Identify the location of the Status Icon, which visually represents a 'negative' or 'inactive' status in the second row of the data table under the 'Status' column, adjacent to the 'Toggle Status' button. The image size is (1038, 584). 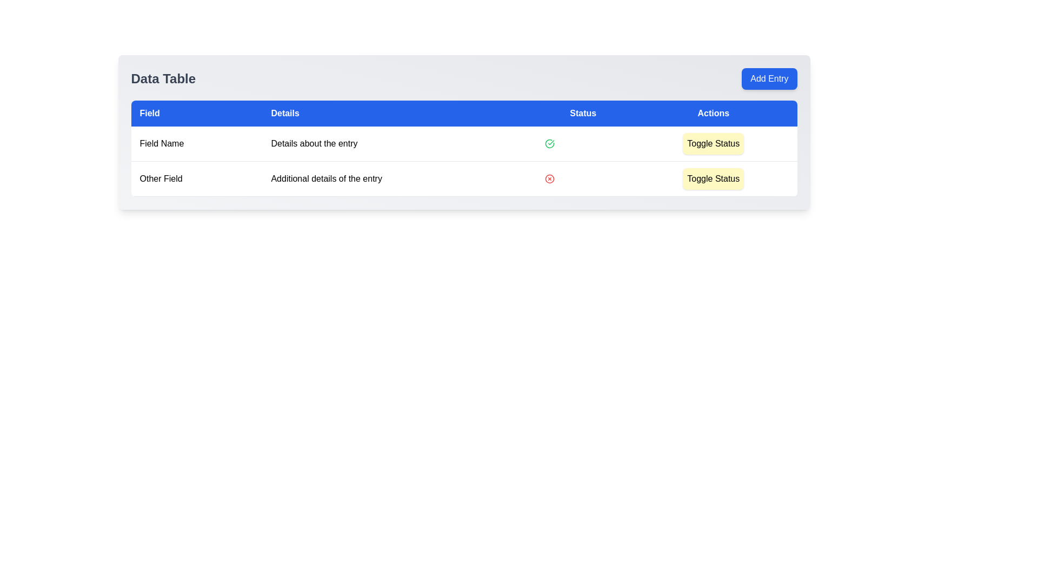
(550, 178).